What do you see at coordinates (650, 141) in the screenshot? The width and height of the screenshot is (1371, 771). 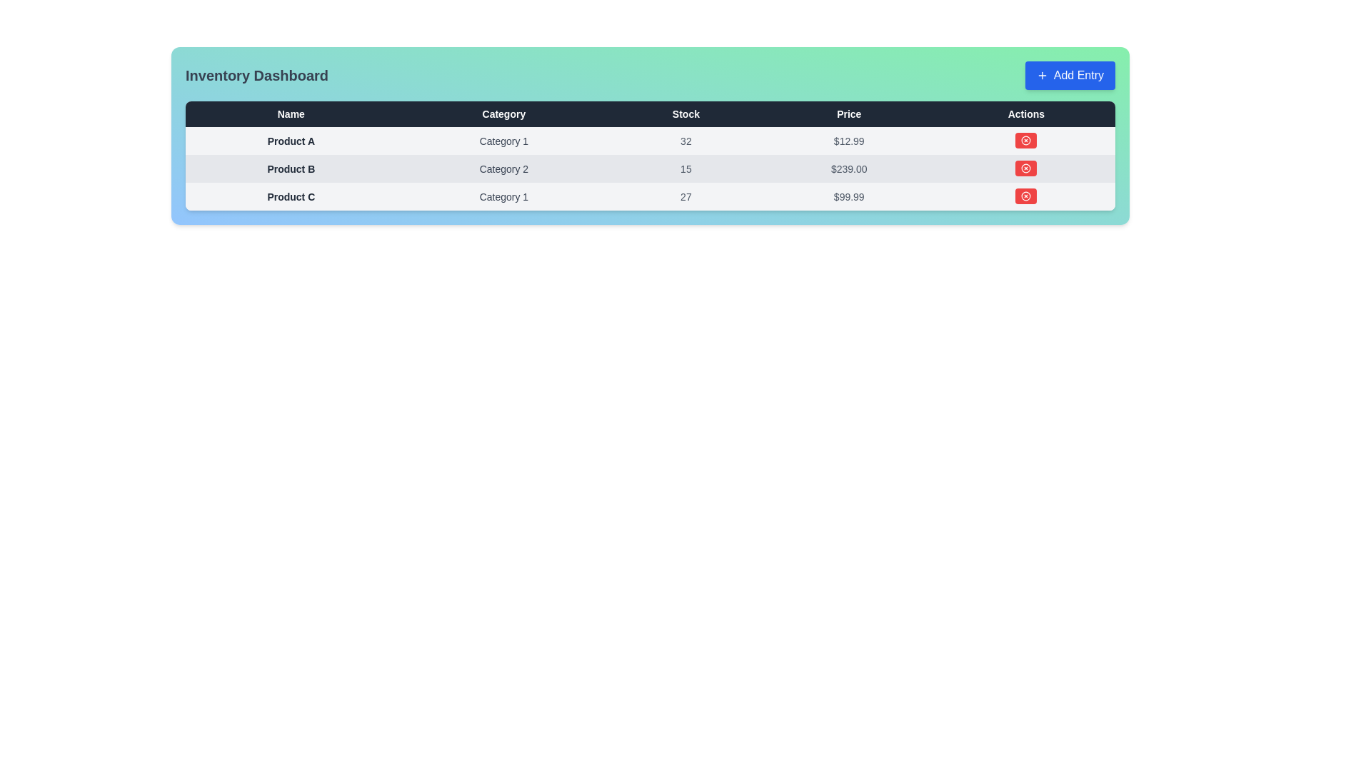 I see `the first row of the product table in the 'Inventory Dashboard', which contains product details such as name, category, stock, price, and action buttons` at bounding box center [650, 141].